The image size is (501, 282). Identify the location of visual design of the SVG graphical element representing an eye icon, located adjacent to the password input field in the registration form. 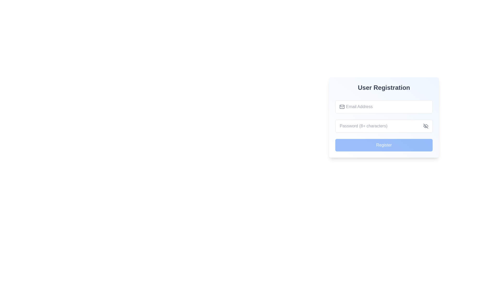
(425, 126).